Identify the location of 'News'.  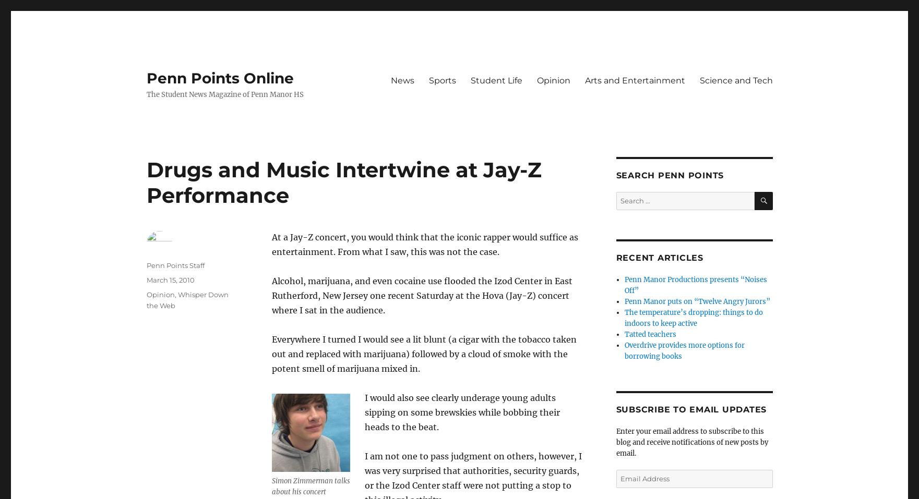
(390, 80).